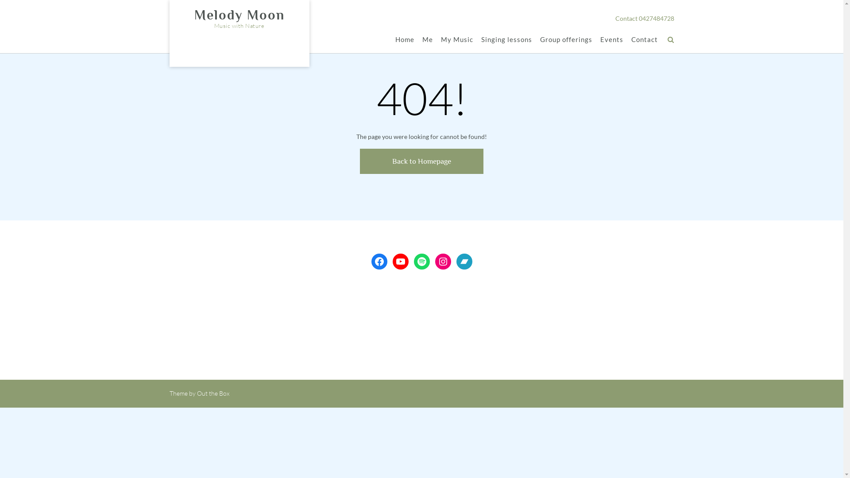 The height and width of the screenshot is (478, 850). What do you see at coordinates (463, 261) in the screenshot?
I see `'Bandcamp'` at bounding box center [463, 261].